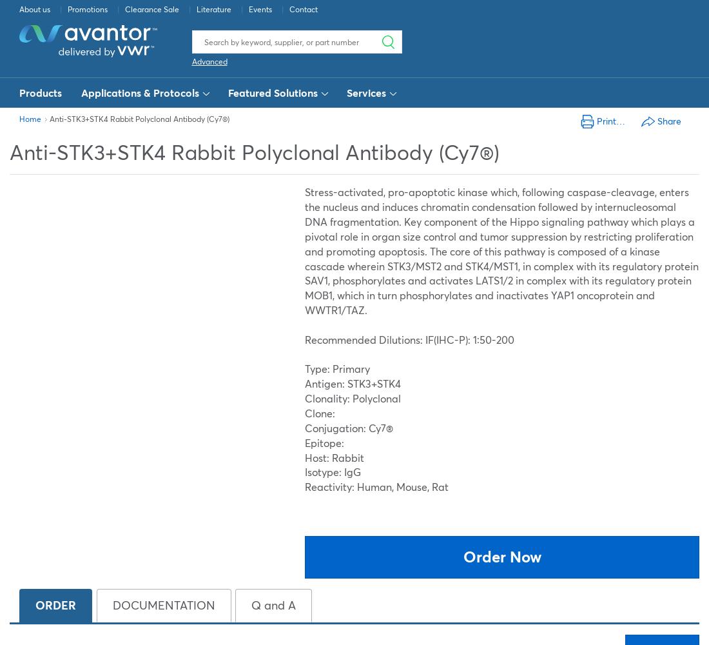 The width and height of the screenshot is (709, 645). I want to click on 'Stress-activated, pro-apoptotic kinase which, following caspase-cleavage, enters the nucleus and induces chromatin condensation followed by internucleosomal DNA fragmentation. Key component of the Hippo signaling pathway which plays a pivotal role in organ size control and tumor suppression by restricting proliferation and promoting apoptosis. The core of this pathway is composed of a kinase cascade wherein STK3/MST2 and STK4/MST1, in complex with its regulatory protein SAV1, phosphorylates and activates LATS1/2 in complex with its regulatory protein MOB1, which in turn phosphorylates and inactivates YAP1 oncoprotein and WWTR1/TAZ.', so click(501, 251).